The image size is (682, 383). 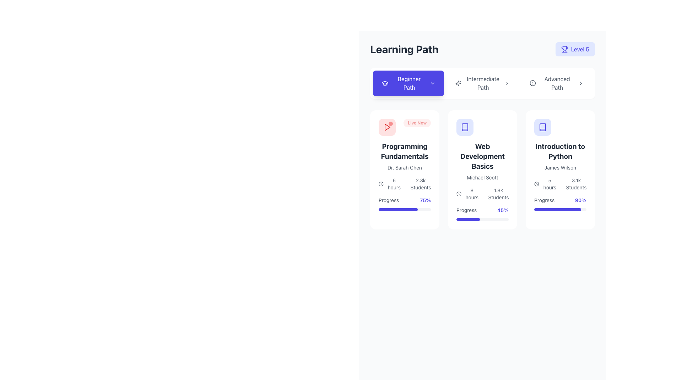 I want to click on the triangular red play icon located at the top-left corner of the 'Programming Fundamentals' card, adjacent to the 'Live Now' label, so click(x=387, y=127).